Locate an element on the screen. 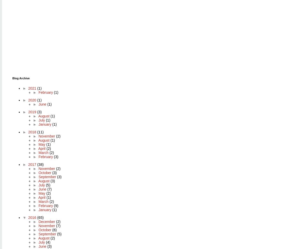 Image resolution: width=298 pixels, height=249 pixels. '2021' is located at coordinates (28, 88).